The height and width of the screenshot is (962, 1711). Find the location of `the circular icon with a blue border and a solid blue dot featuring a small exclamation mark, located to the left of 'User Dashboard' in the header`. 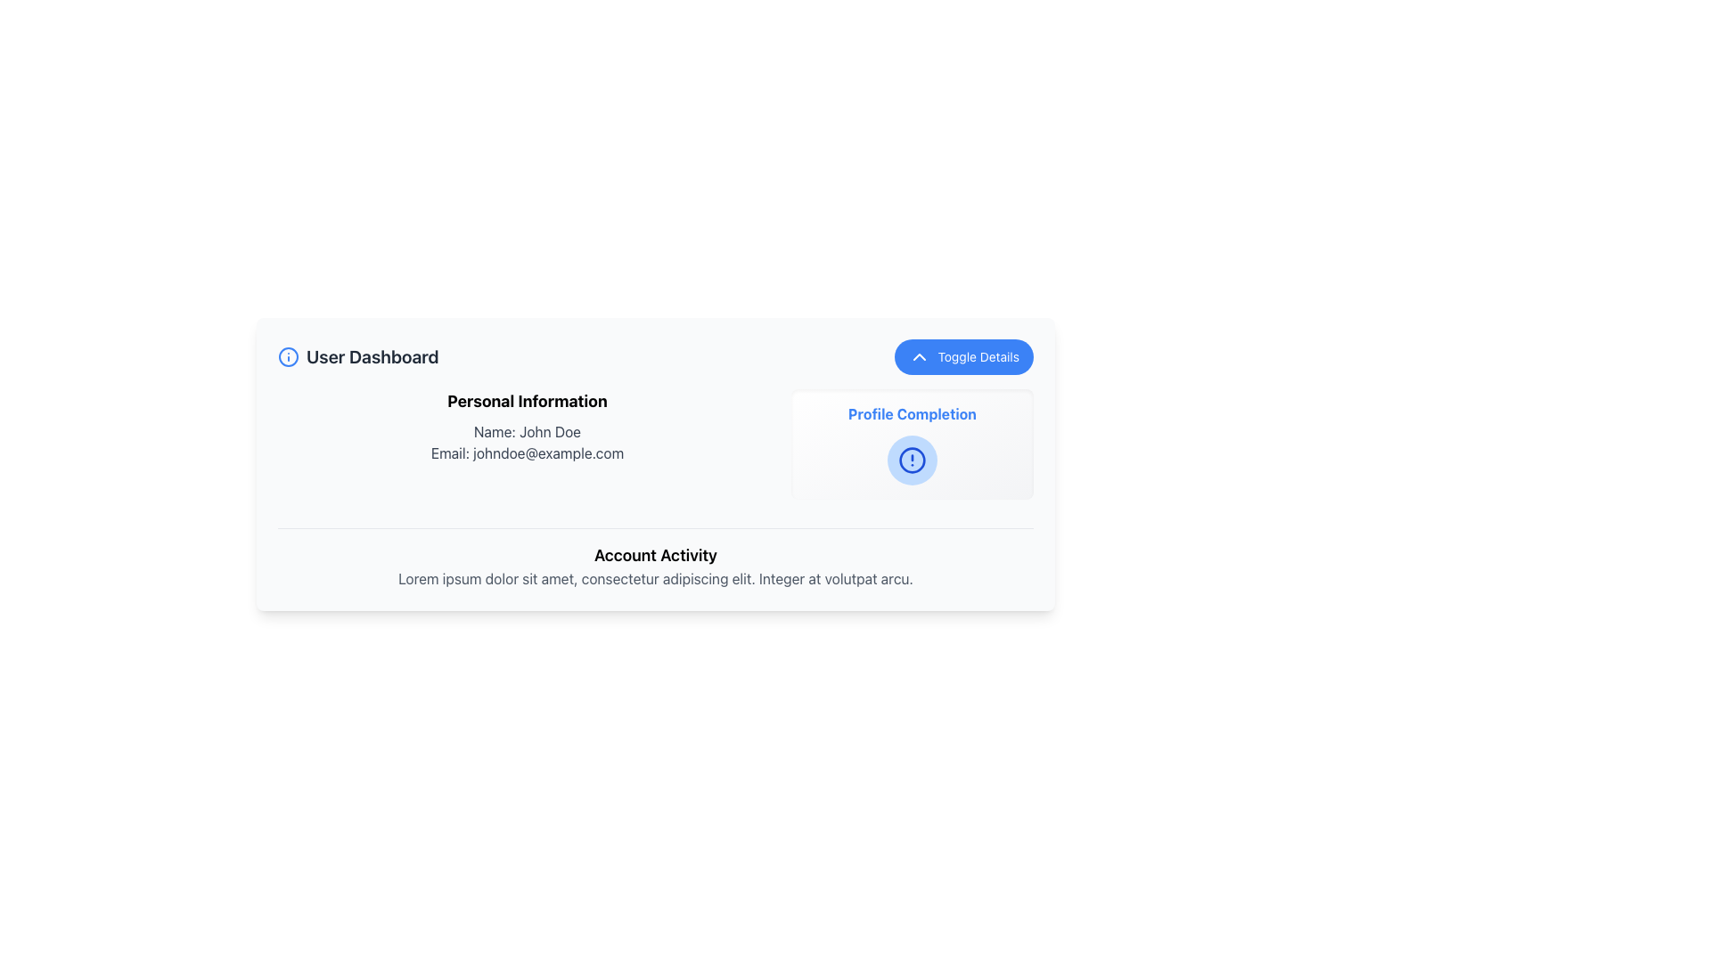

the circular icon with a blue border and a solid blue dot featuring a small exclamation mark, located to the left of 'User Dashboard' in the header is located at coordinates (289, 357).